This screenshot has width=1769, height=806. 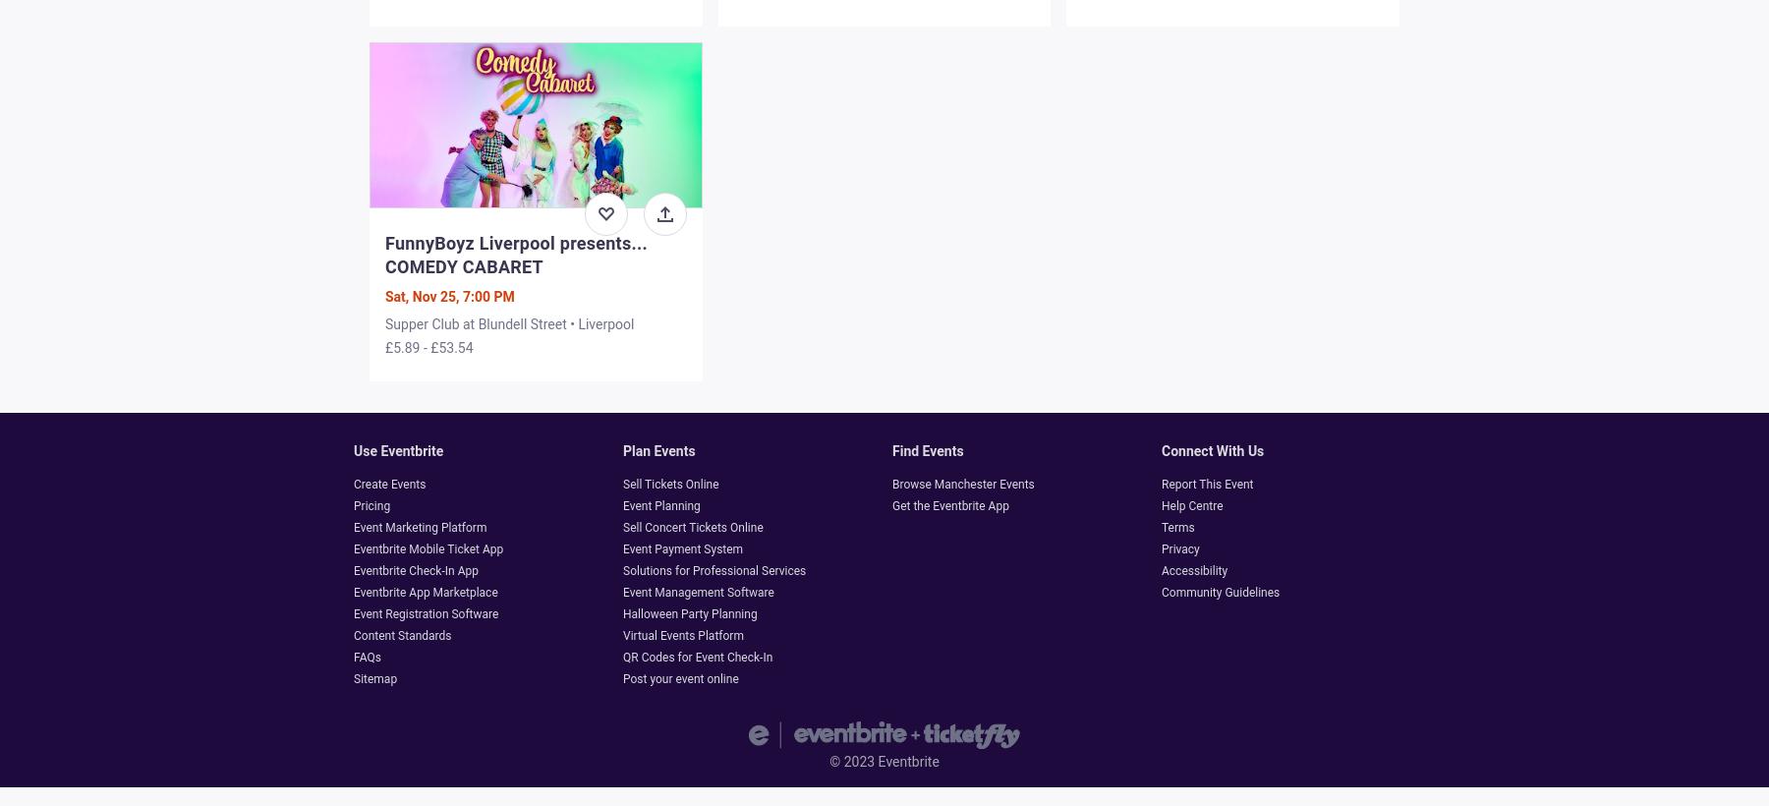 I want to click on 'Accessibility', so click(x=1161, y=570).